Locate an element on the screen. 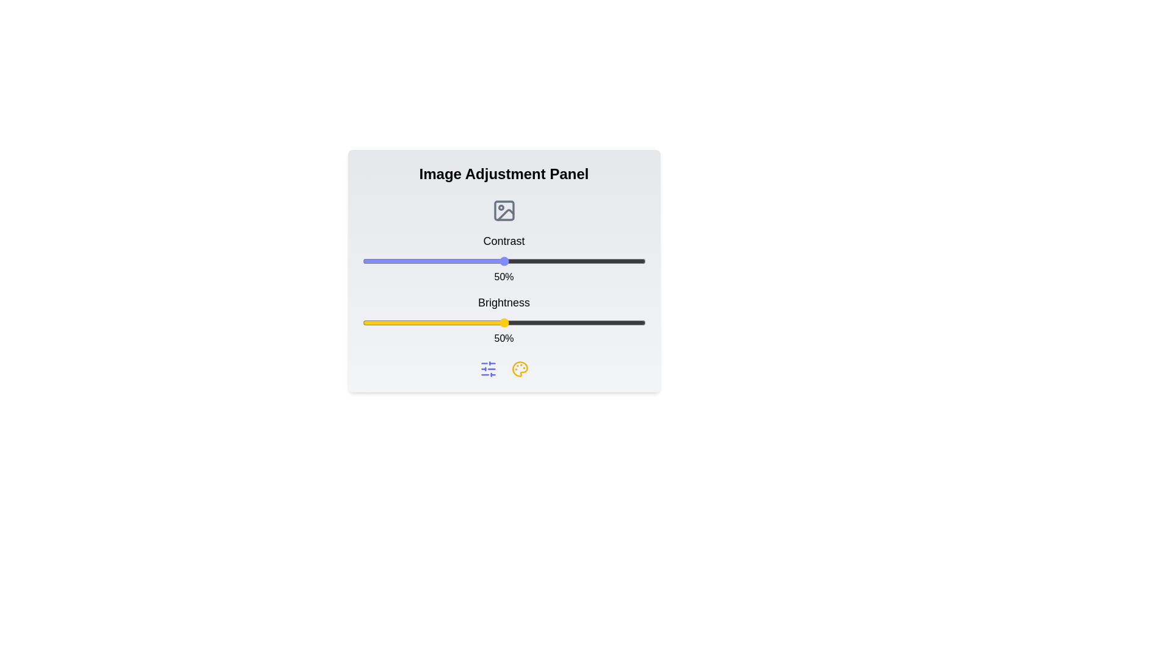 The height and width of the screenshot is (658, 1171). the contrast slider to 76% is located at coordinates (577, 260).